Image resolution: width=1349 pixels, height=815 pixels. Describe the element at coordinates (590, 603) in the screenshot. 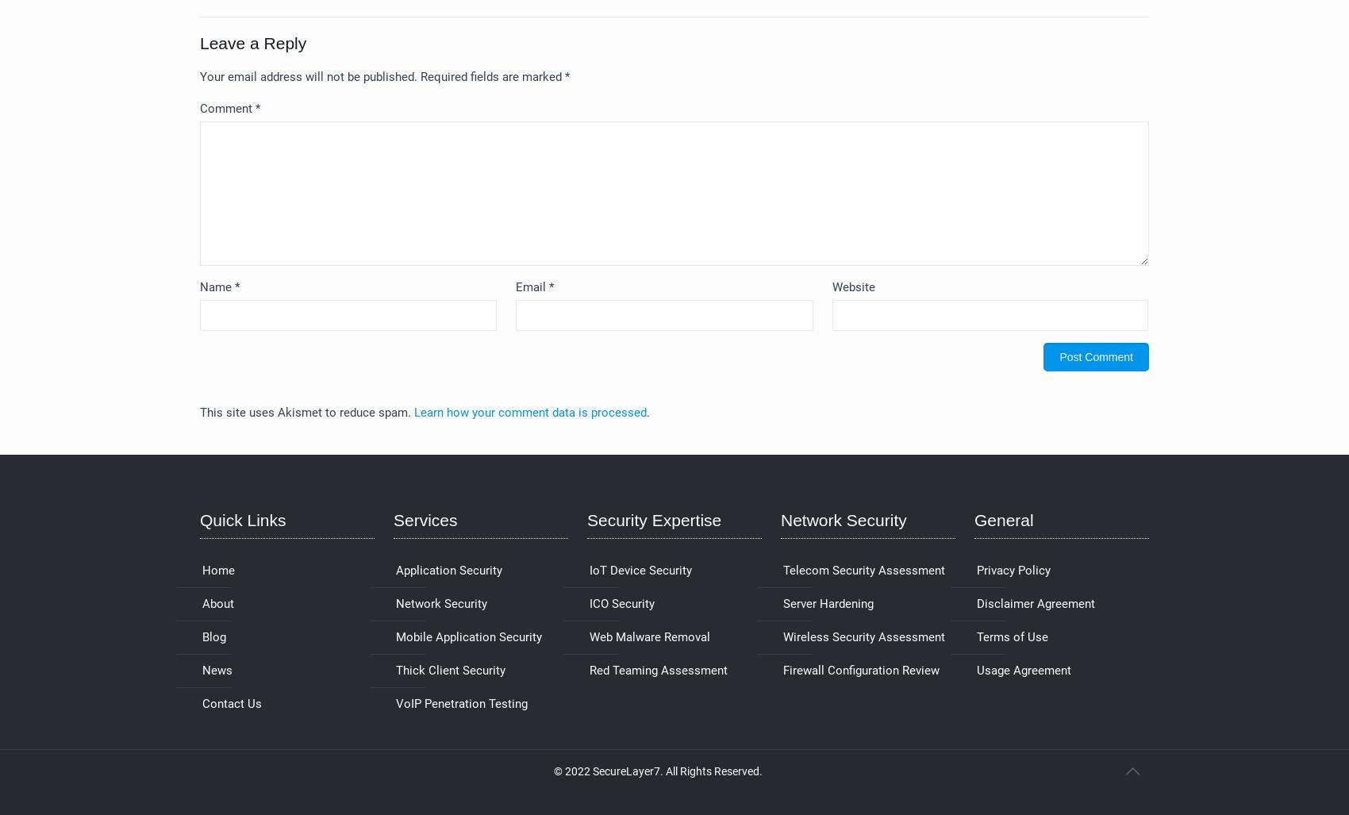

I see `'ICO Security'` at that location.